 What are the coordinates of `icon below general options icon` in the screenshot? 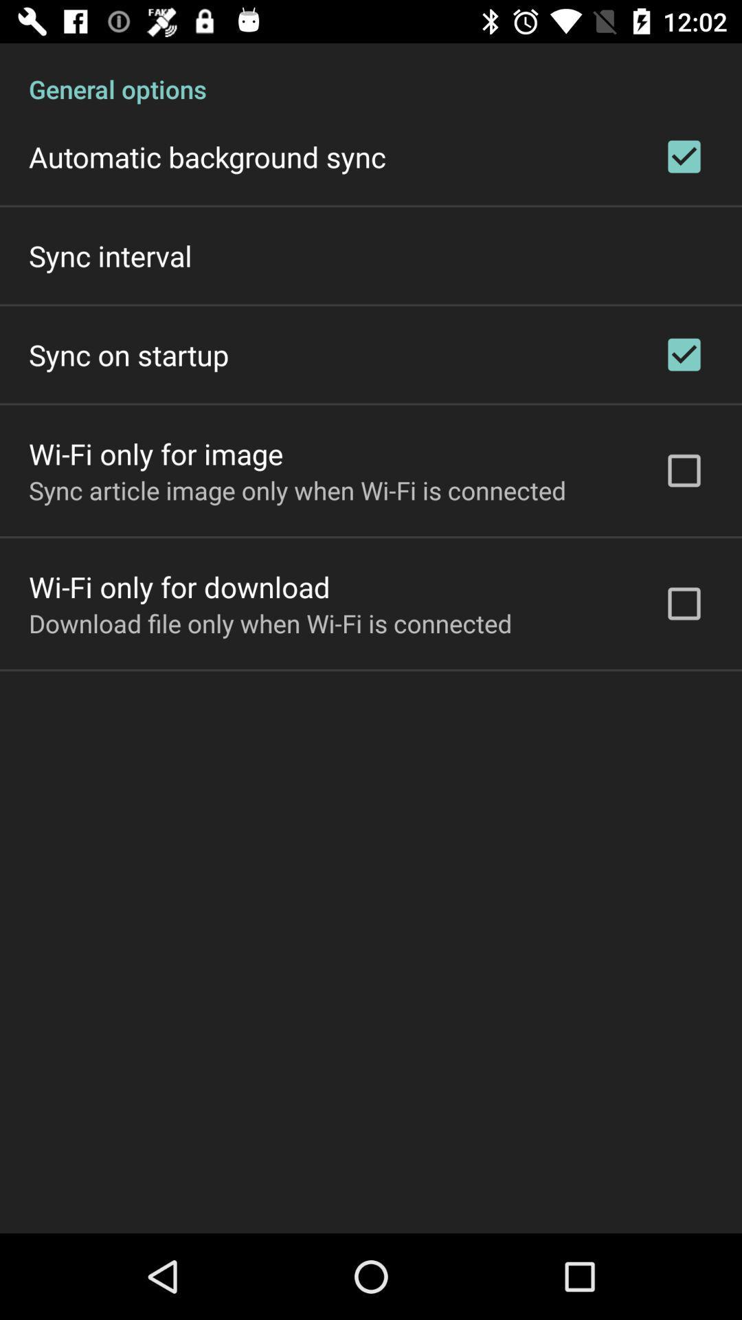 It's located at (207, 157).